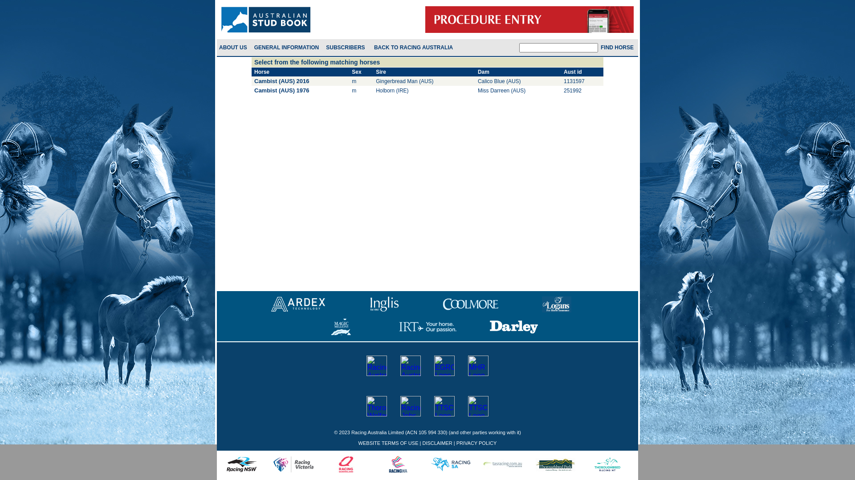  Describe the element at coordinates (451, 464) in the screenshot. I see `'RacingSA'` at that location.